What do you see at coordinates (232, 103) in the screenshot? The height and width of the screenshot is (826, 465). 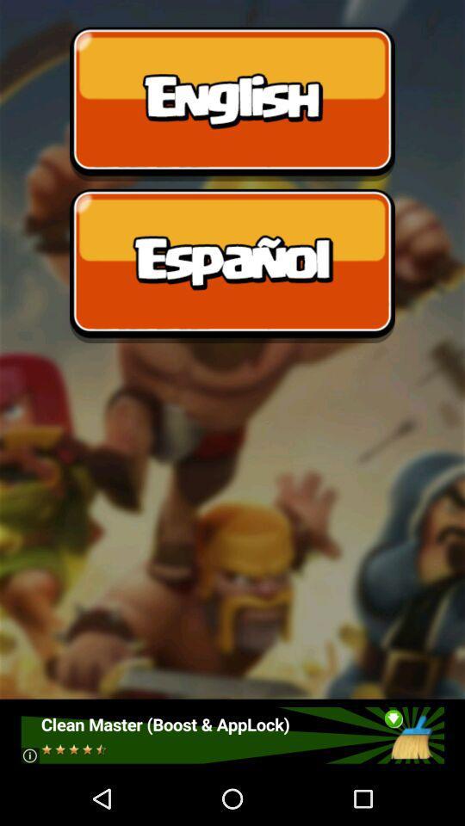 I see `english as language` at bounding box center [232, 103].